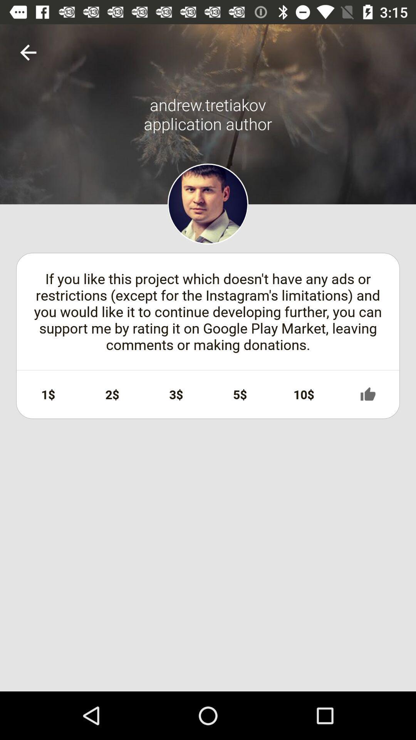  Describe the element at coordinates (176, 394) in the screenshot. I see `icon to the right of 2$` at that location.